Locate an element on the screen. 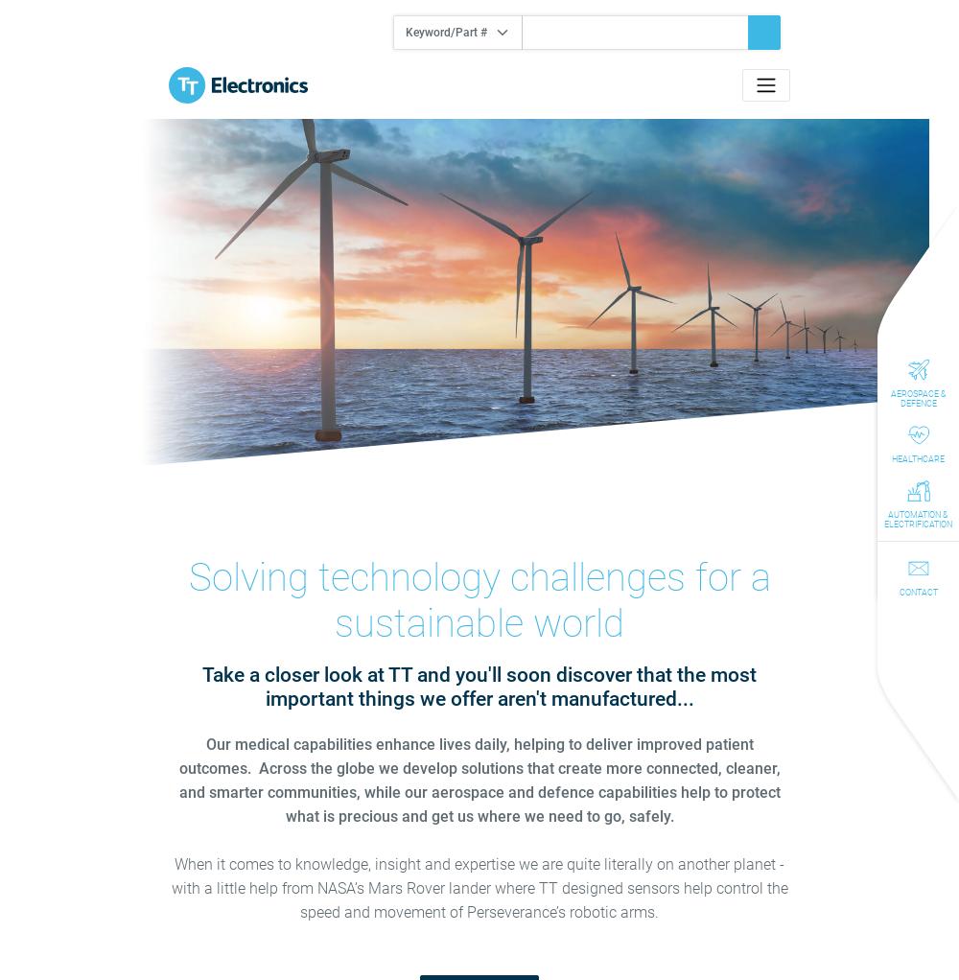 The width and height of the screenshot is (959, 980). 'Cookiebot by Usercentrics' is located at coordinates (515, 643).